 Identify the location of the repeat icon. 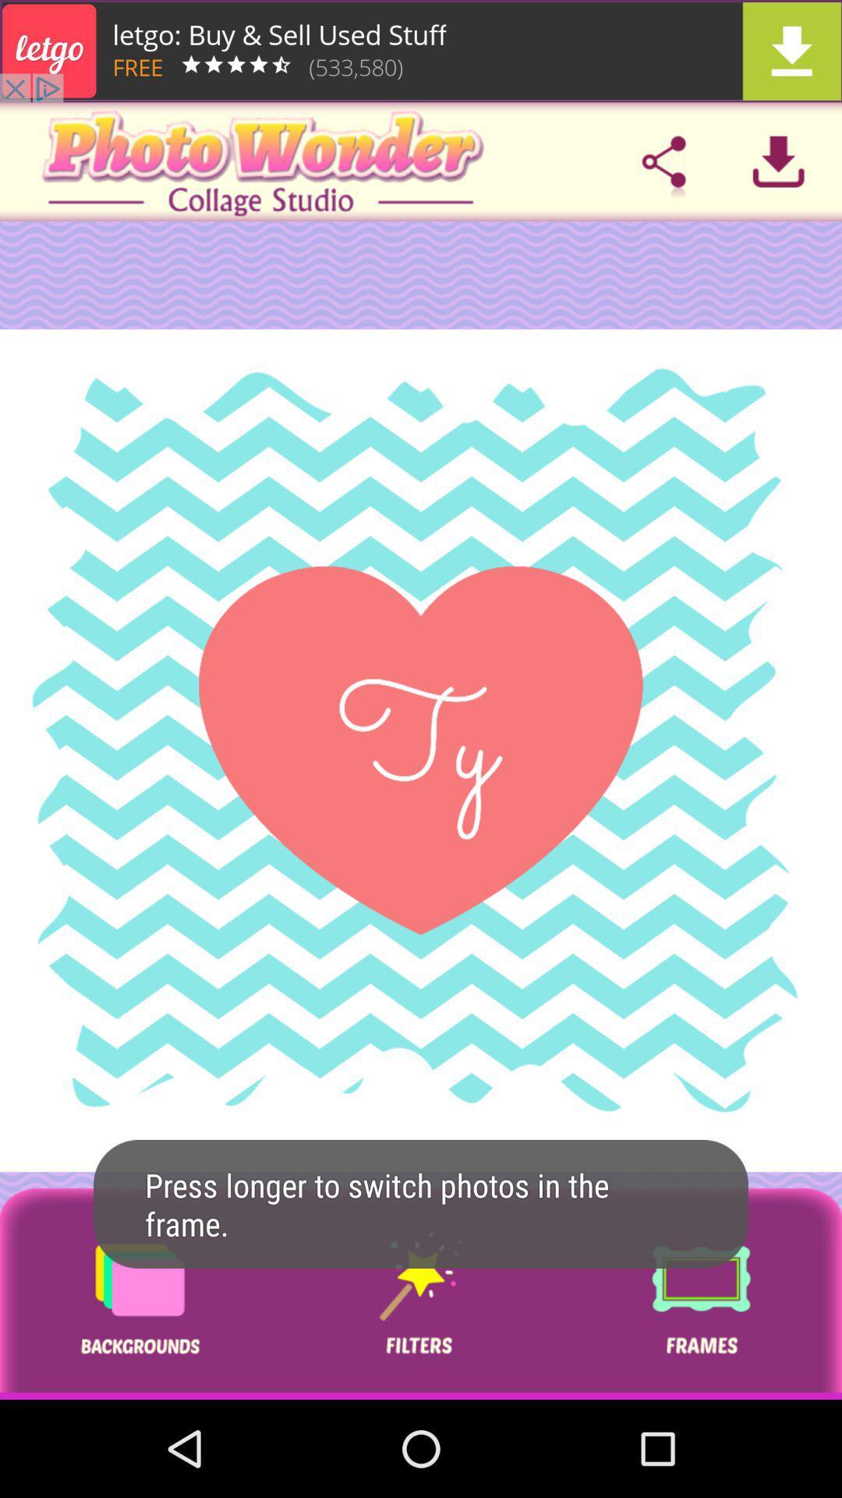
(700, 1294).